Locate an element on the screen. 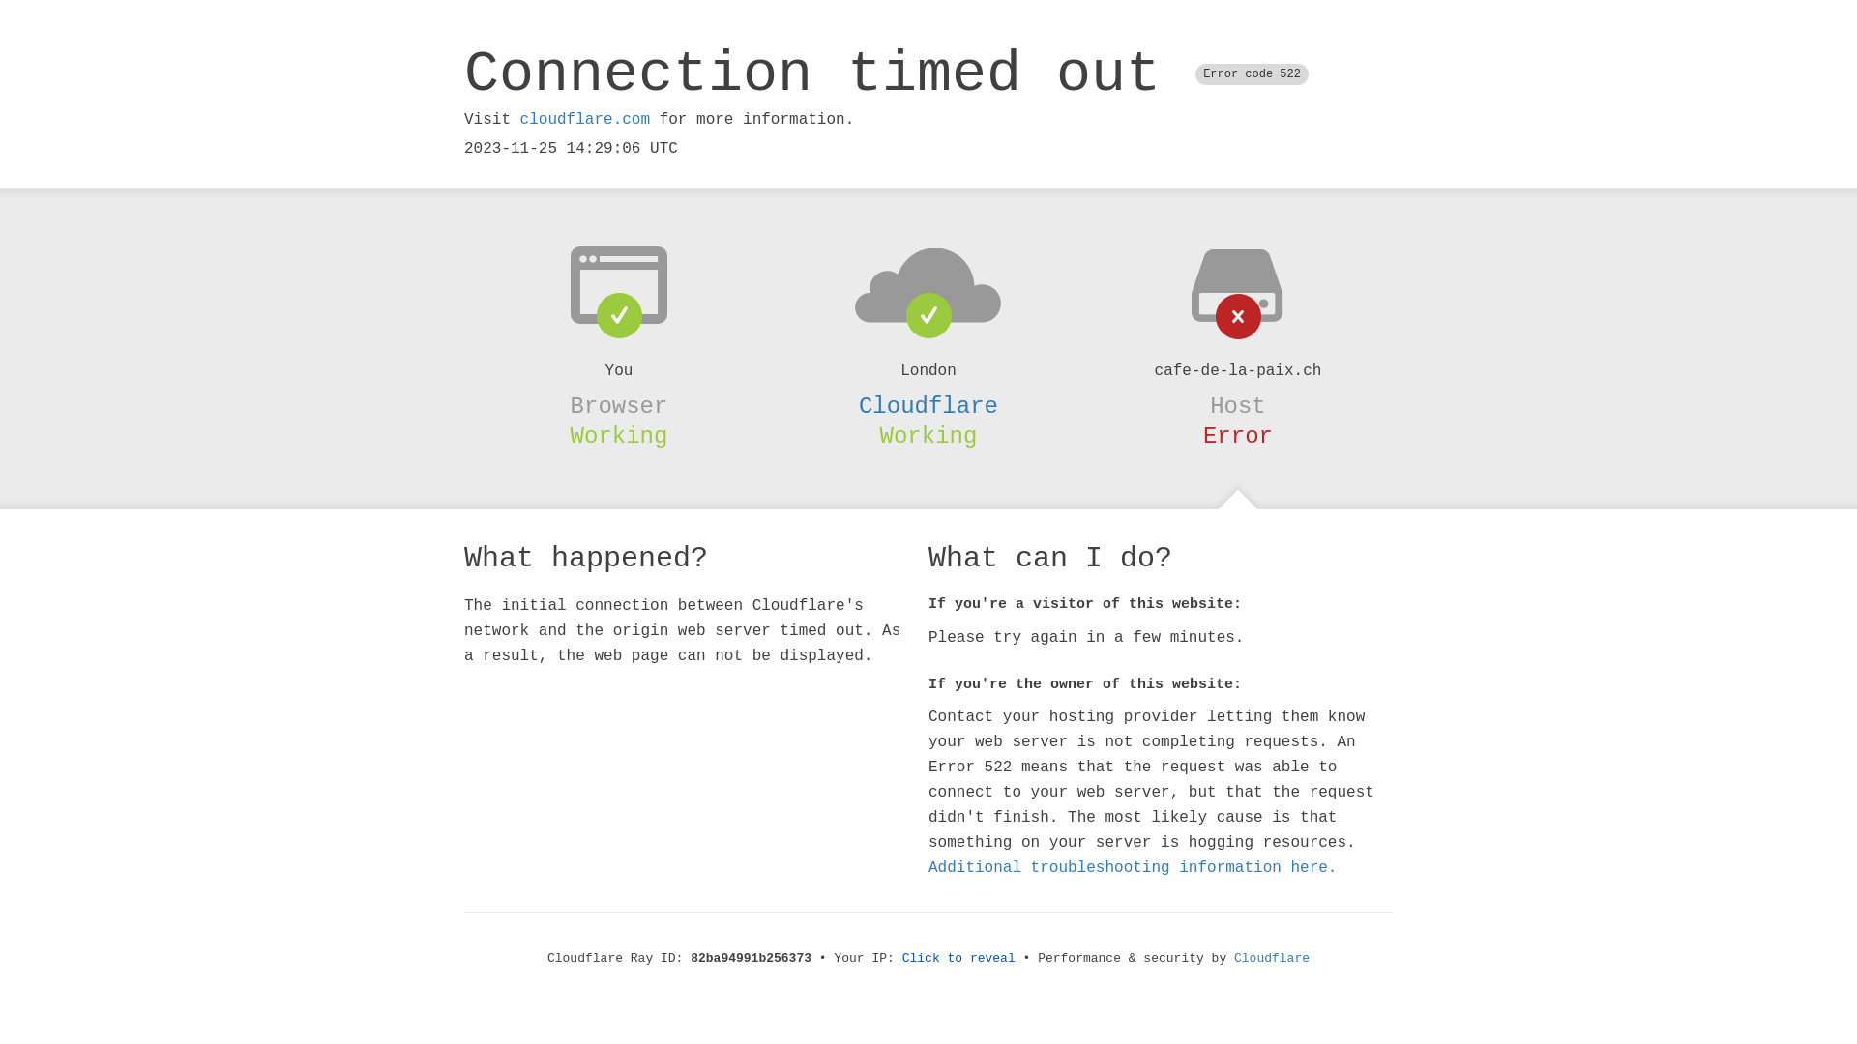 This screenshot has width=1857, height=1044. 'Cloudflare' is located at coordinates (928, 405).